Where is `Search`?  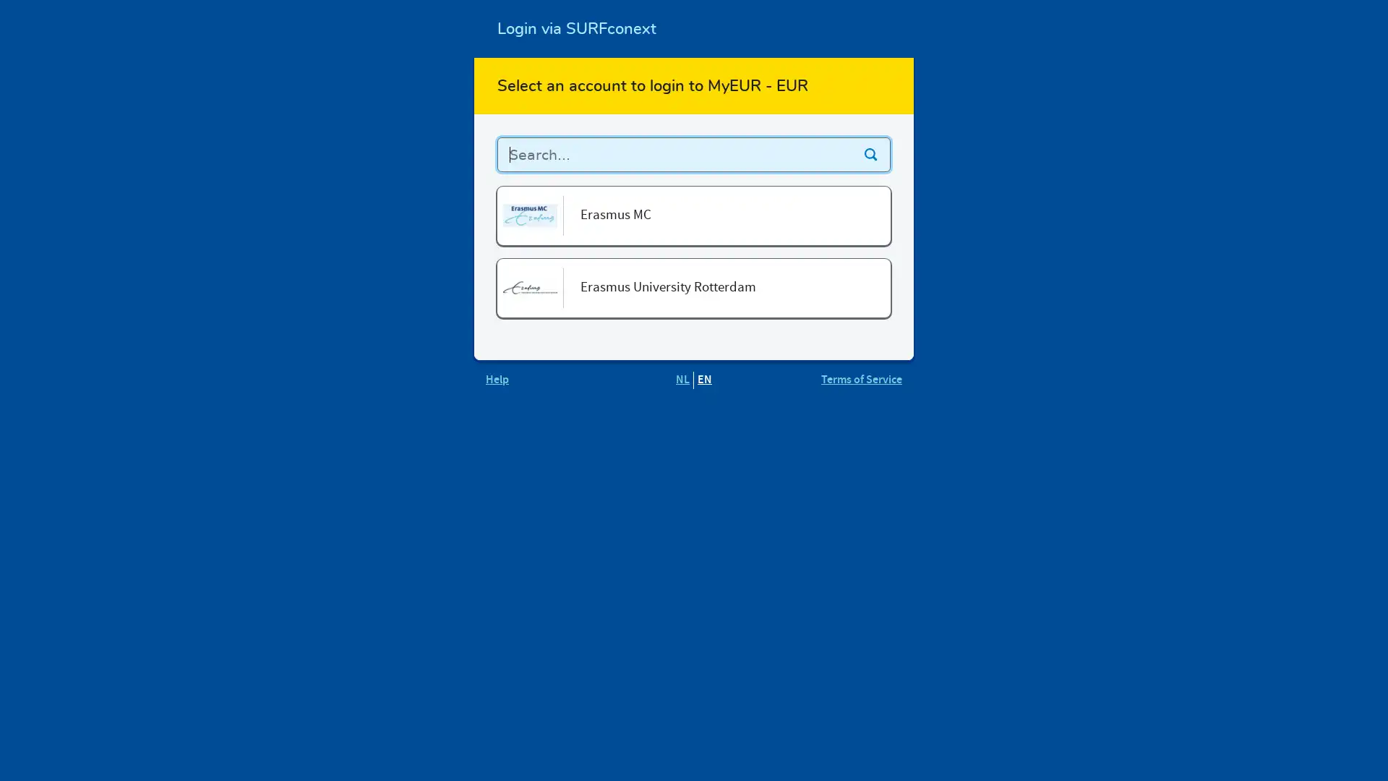
Search is located at coordinates (870, 154).